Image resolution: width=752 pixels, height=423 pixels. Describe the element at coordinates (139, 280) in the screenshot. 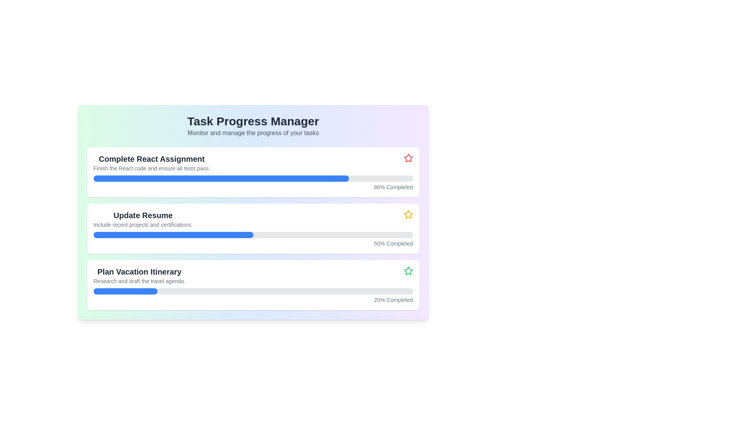

I see `the text element located below the 'Plan Vacation Itinerary' task, which provides additional context or guidance for the user in the third task card of the vertical list` at that location.